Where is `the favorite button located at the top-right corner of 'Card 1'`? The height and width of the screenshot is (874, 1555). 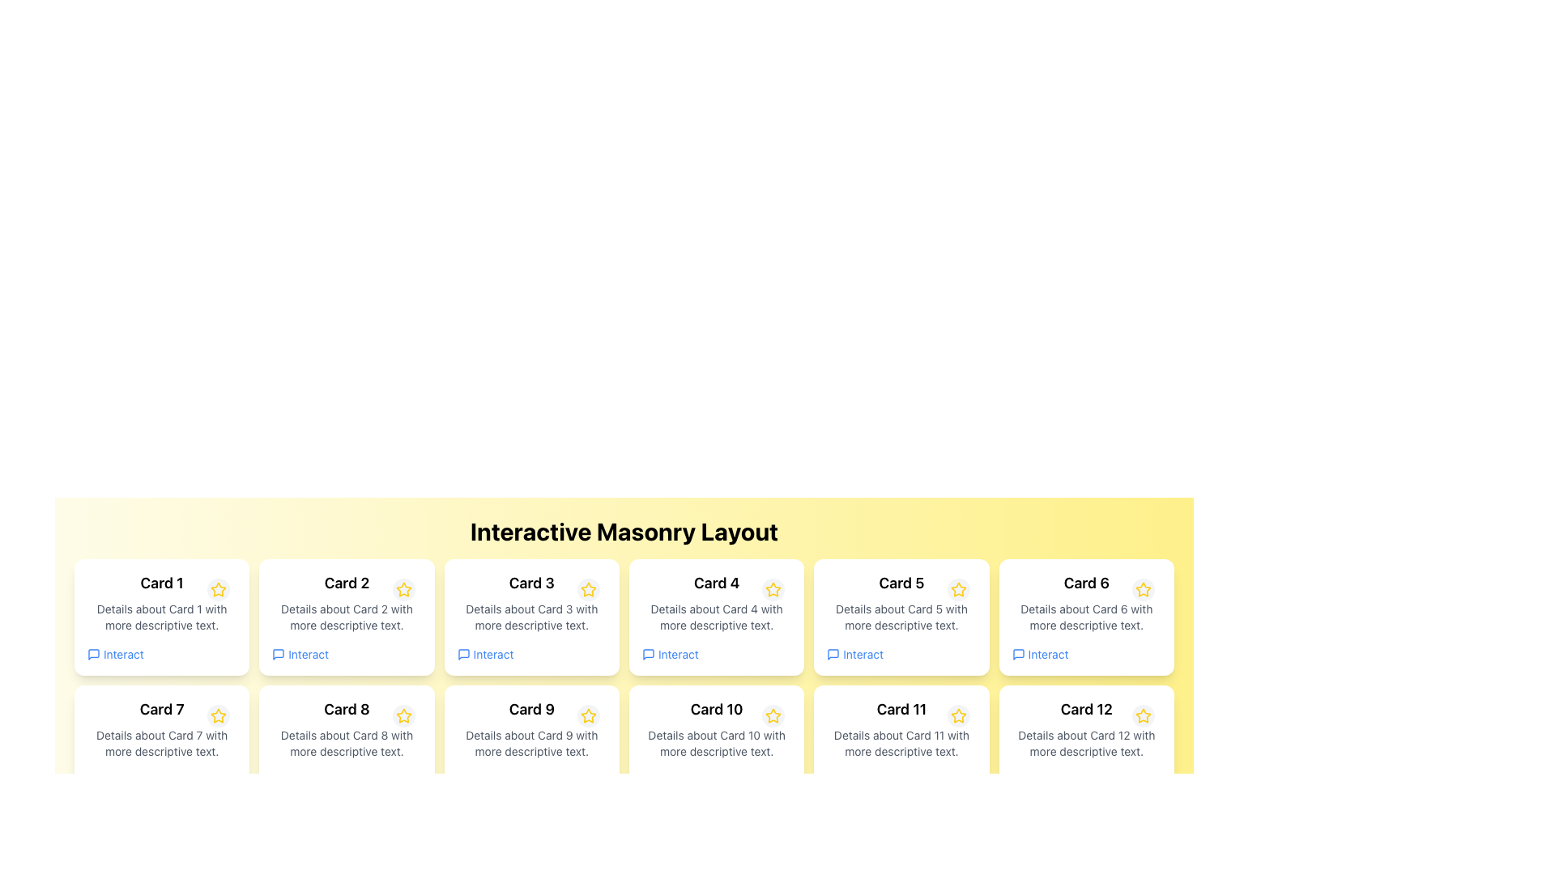 the favorite button located at the top-right corner of 'Card 1' is located at coordinates (218, 590).